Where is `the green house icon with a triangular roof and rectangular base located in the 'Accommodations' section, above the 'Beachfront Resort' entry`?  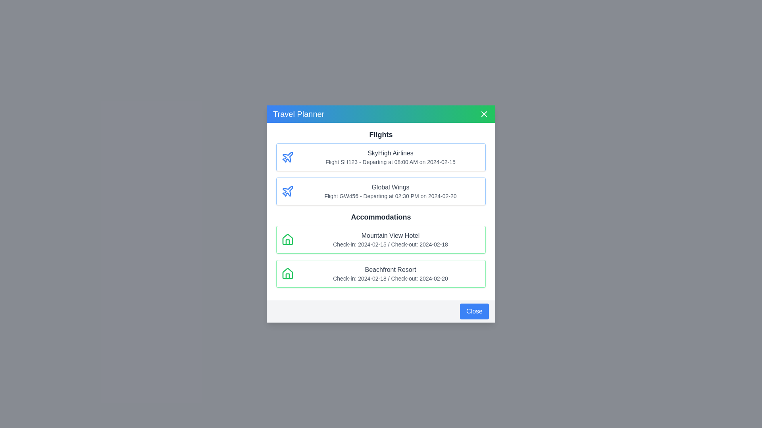 the green house icon with a triangular roof and rectangular base located in the 'Accommodations' section, above the 'Beachfront Resort' entry is located at coordinates (287, 239).